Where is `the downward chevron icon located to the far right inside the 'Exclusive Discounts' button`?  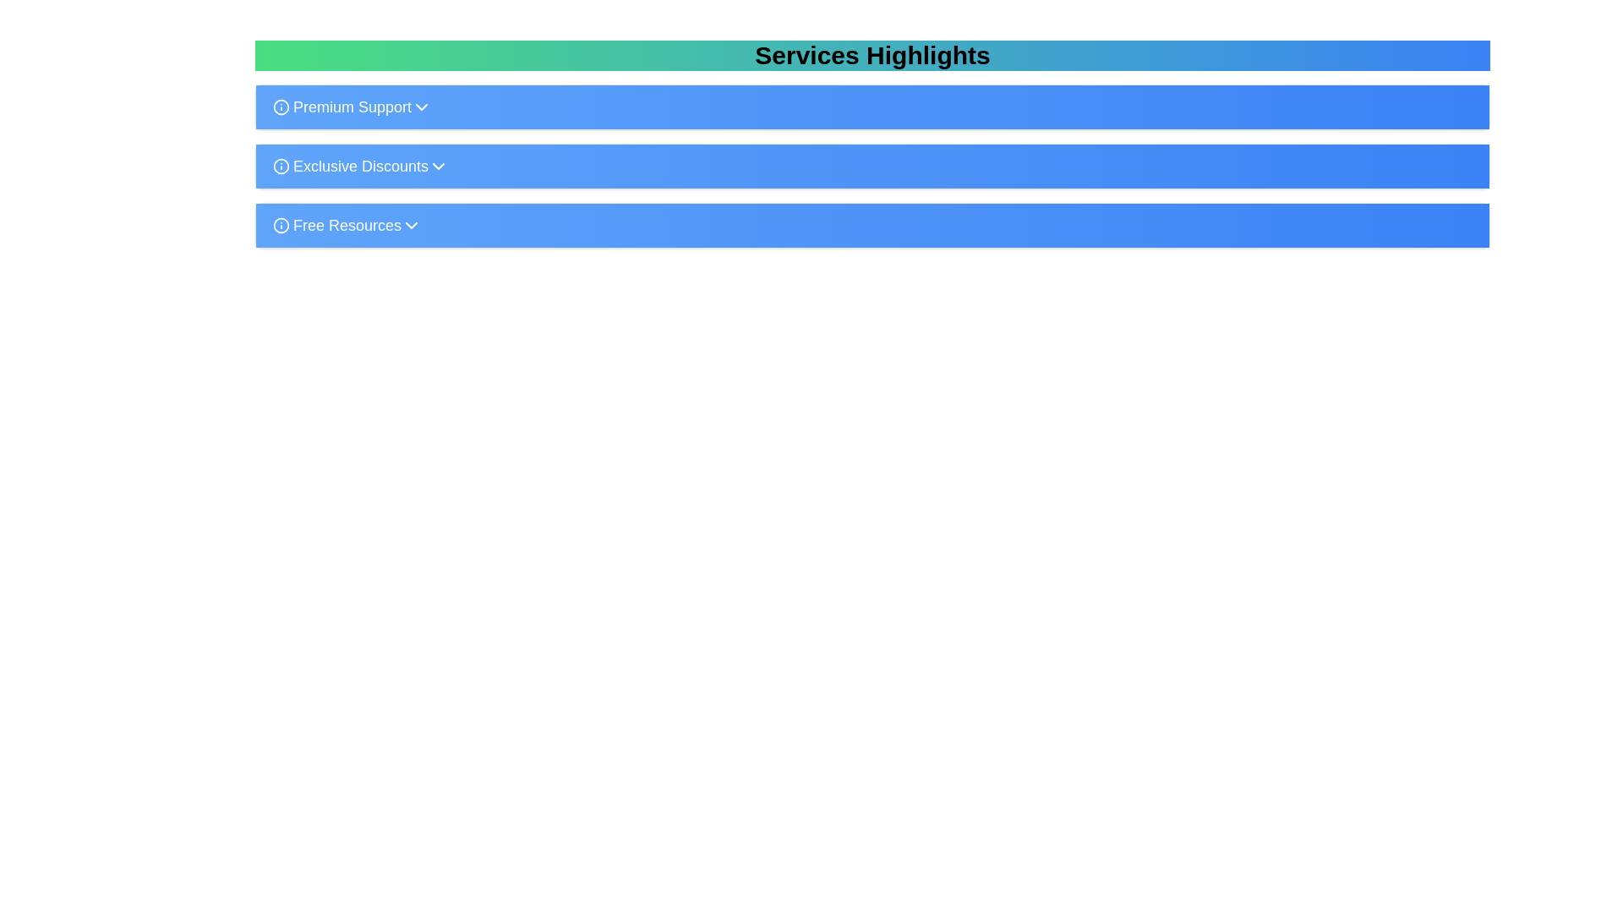 the downward chevron icon located to the far right inside the 'Exclusive Discounts' button is located at coordinates (438, 166).